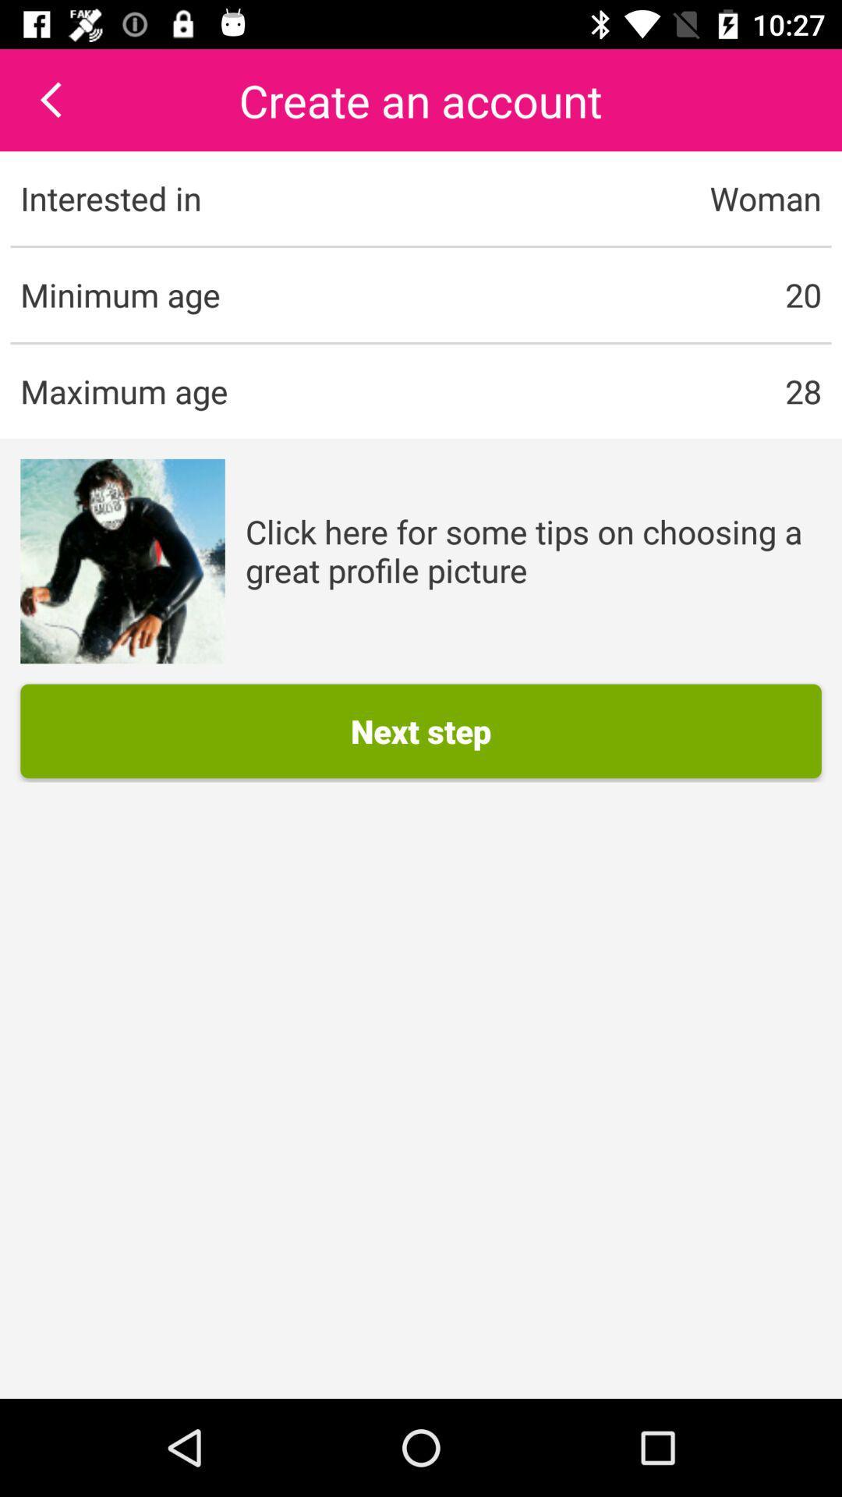 The image size is (842, 1497). I want to click on the text next to image, so click(532, 550).